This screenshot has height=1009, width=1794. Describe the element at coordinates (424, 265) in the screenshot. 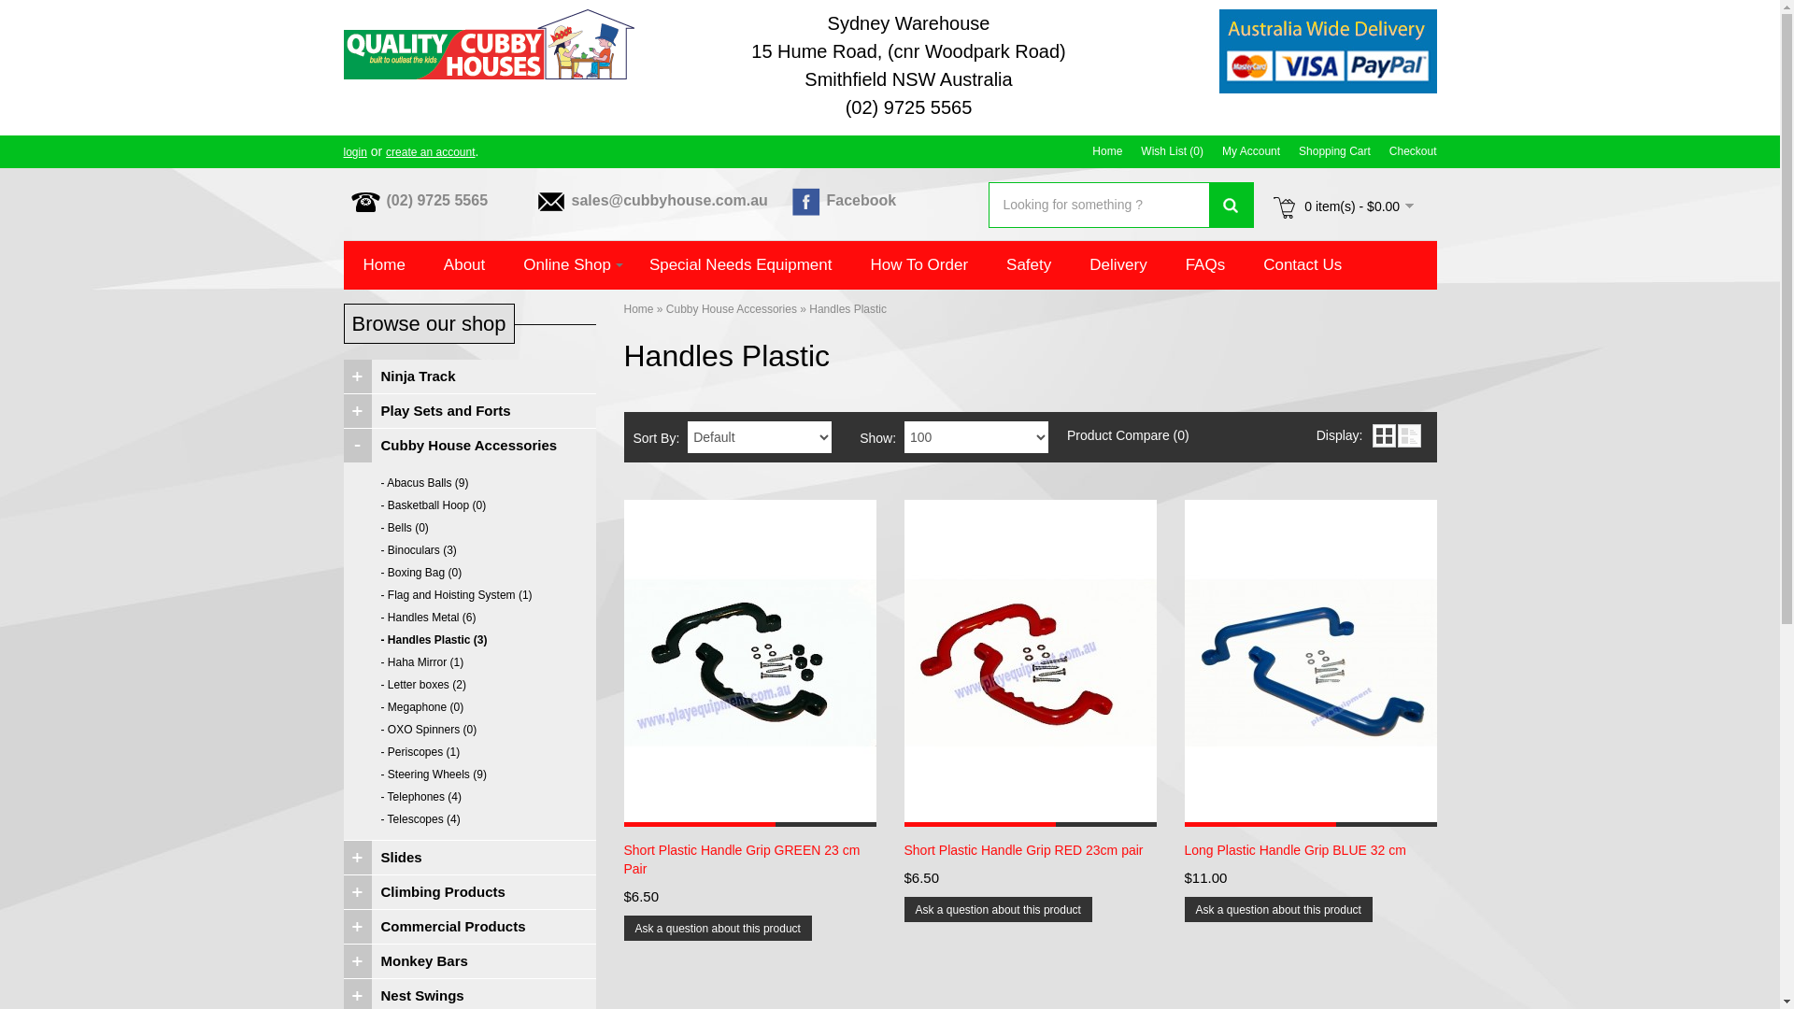

I see `'About'` at that location.